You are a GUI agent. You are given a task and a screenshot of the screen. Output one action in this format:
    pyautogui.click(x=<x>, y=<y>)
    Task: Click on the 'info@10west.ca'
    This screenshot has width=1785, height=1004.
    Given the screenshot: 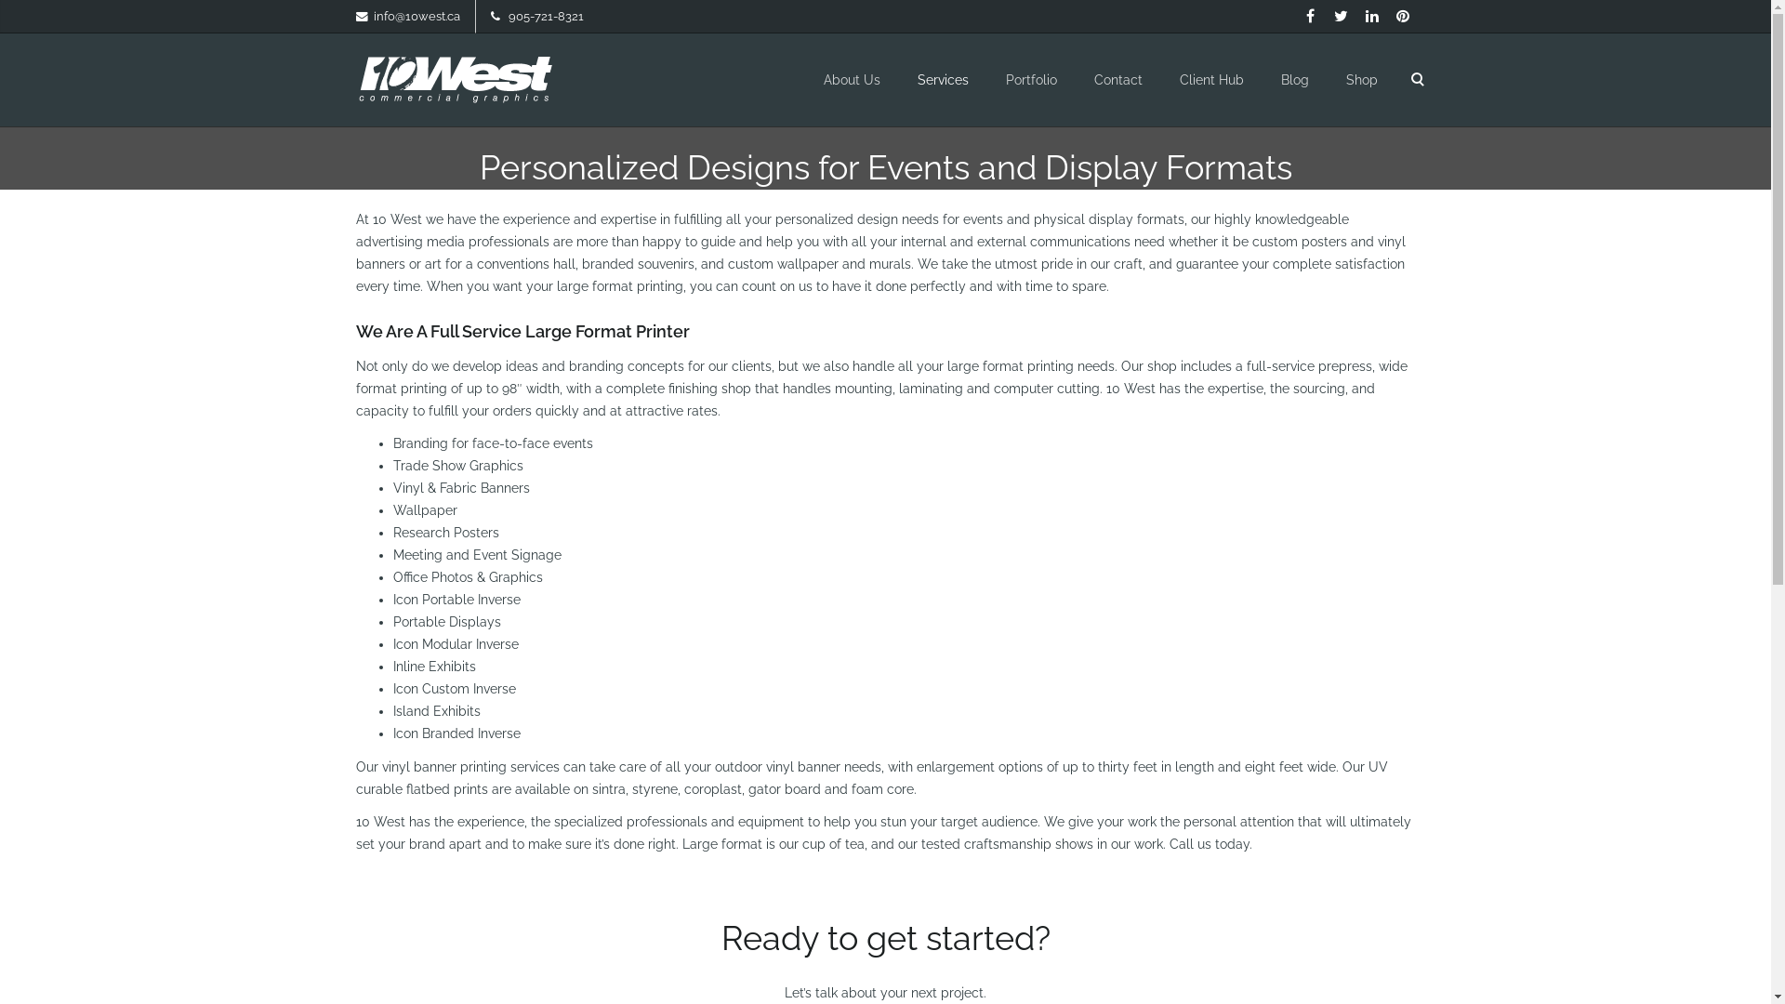 What is the action you would take?
    pyautogui.click(x=416, y=16)
    